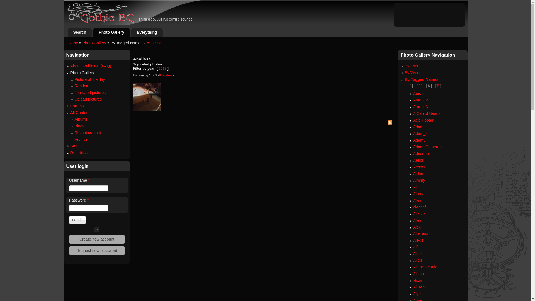  What do you see at coordinates (419, 86) in the screenshot?
I see `'9'` at bounding box center [419, 86].